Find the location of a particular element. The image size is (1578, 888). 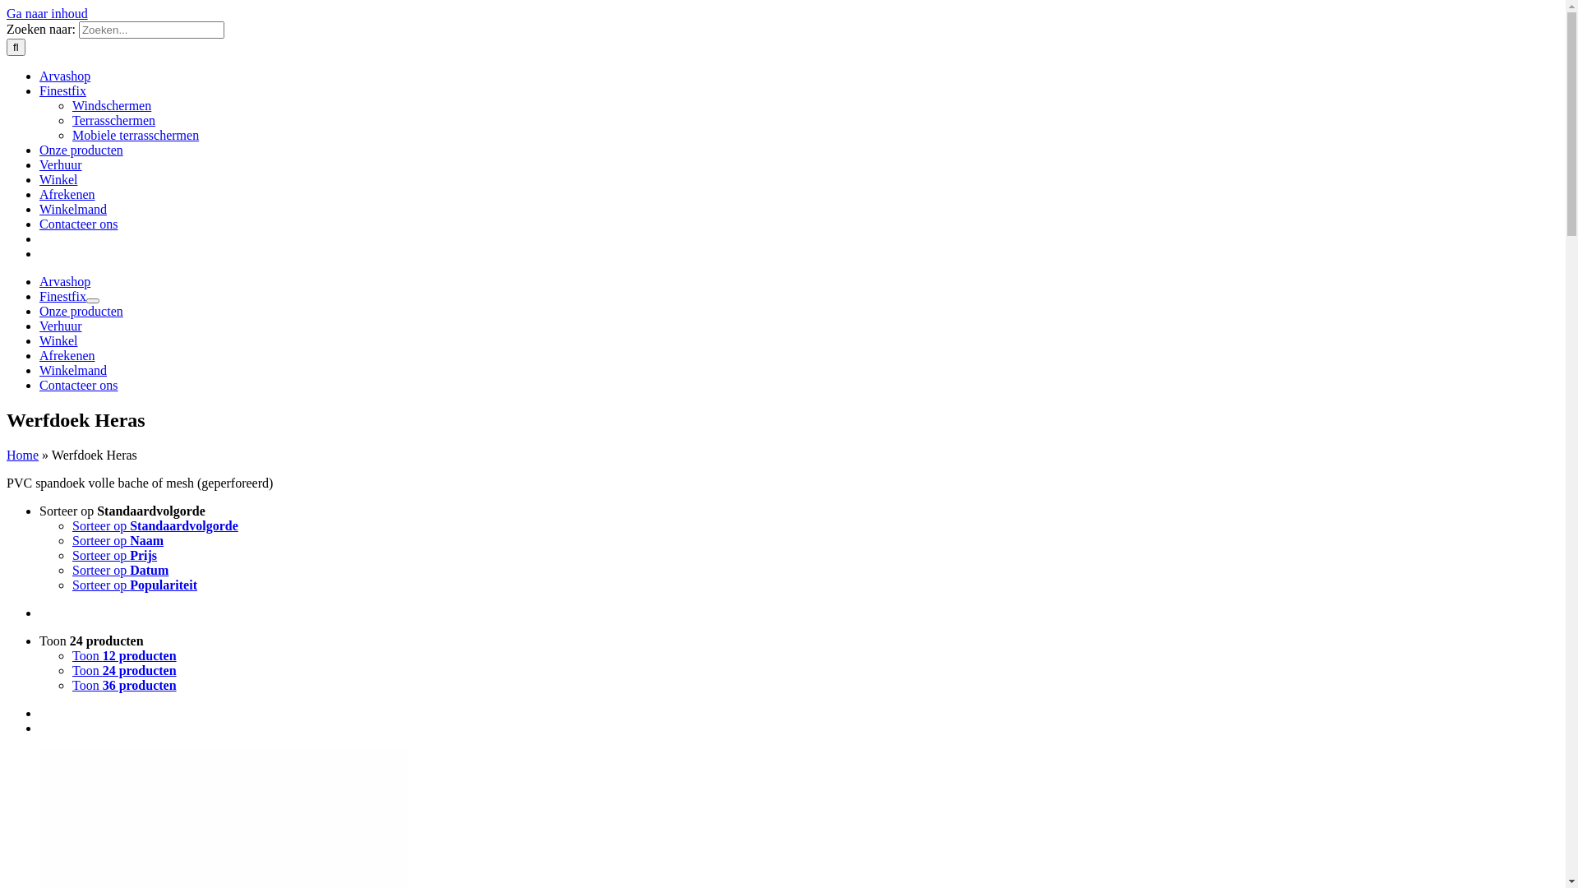

'Sorteer op Populariteit' is located at coordinates (134, 584).